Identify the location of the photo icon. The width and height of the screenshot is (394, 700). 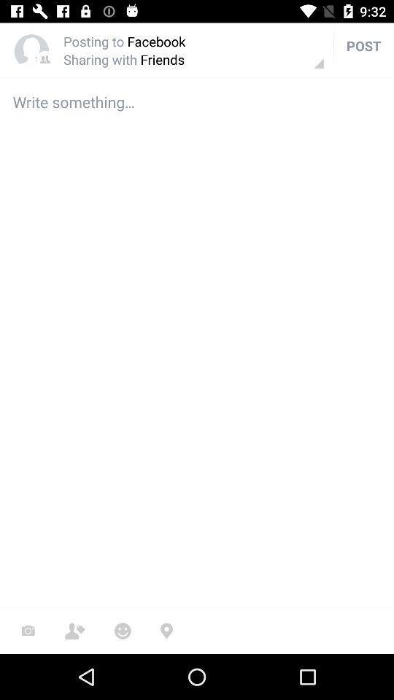
(28, 630).